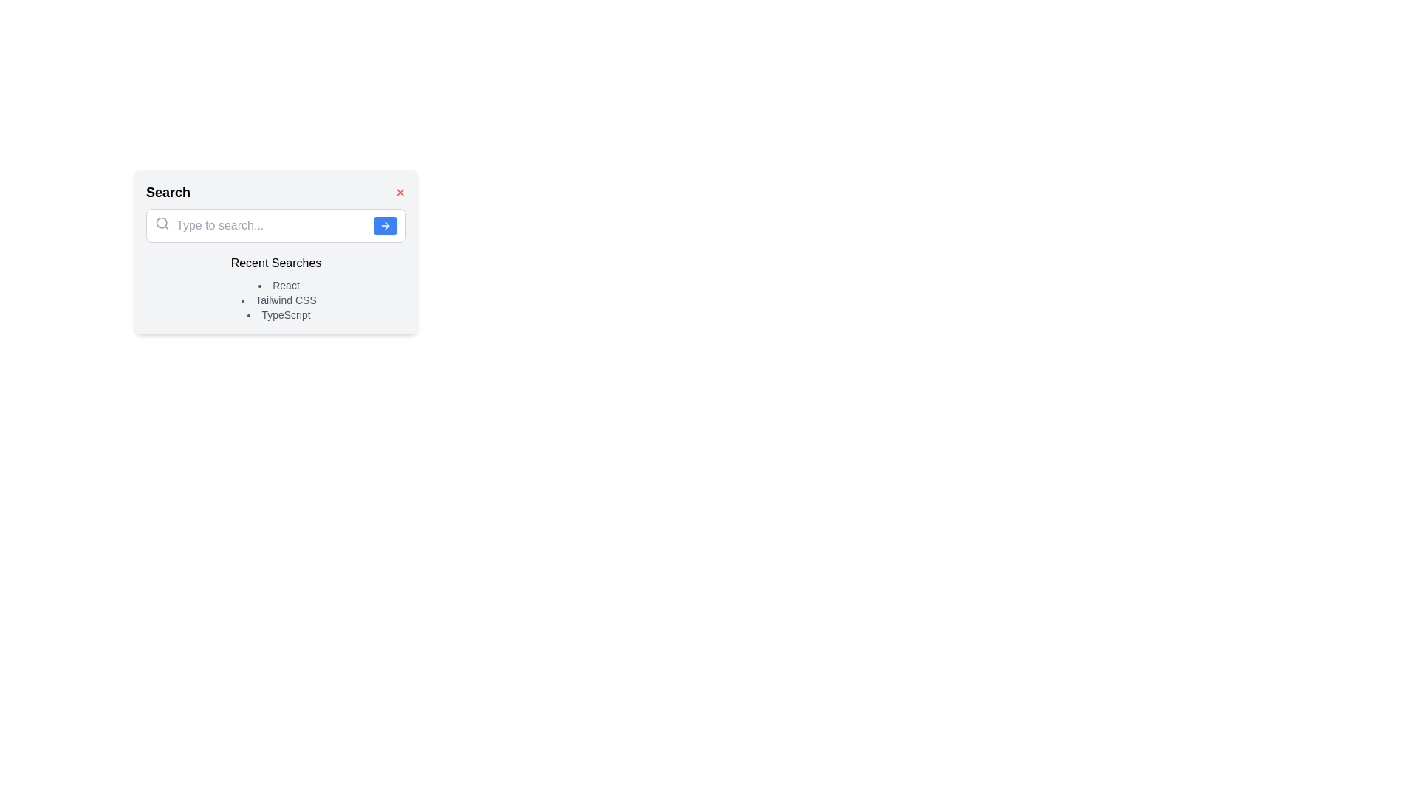  Describe the element at coordinates (279, 314) in the screenshot. I see `the 'TypeScript' text label, which is the last item in the 'Recent Searches' list, displaying recent search activities` at that location.